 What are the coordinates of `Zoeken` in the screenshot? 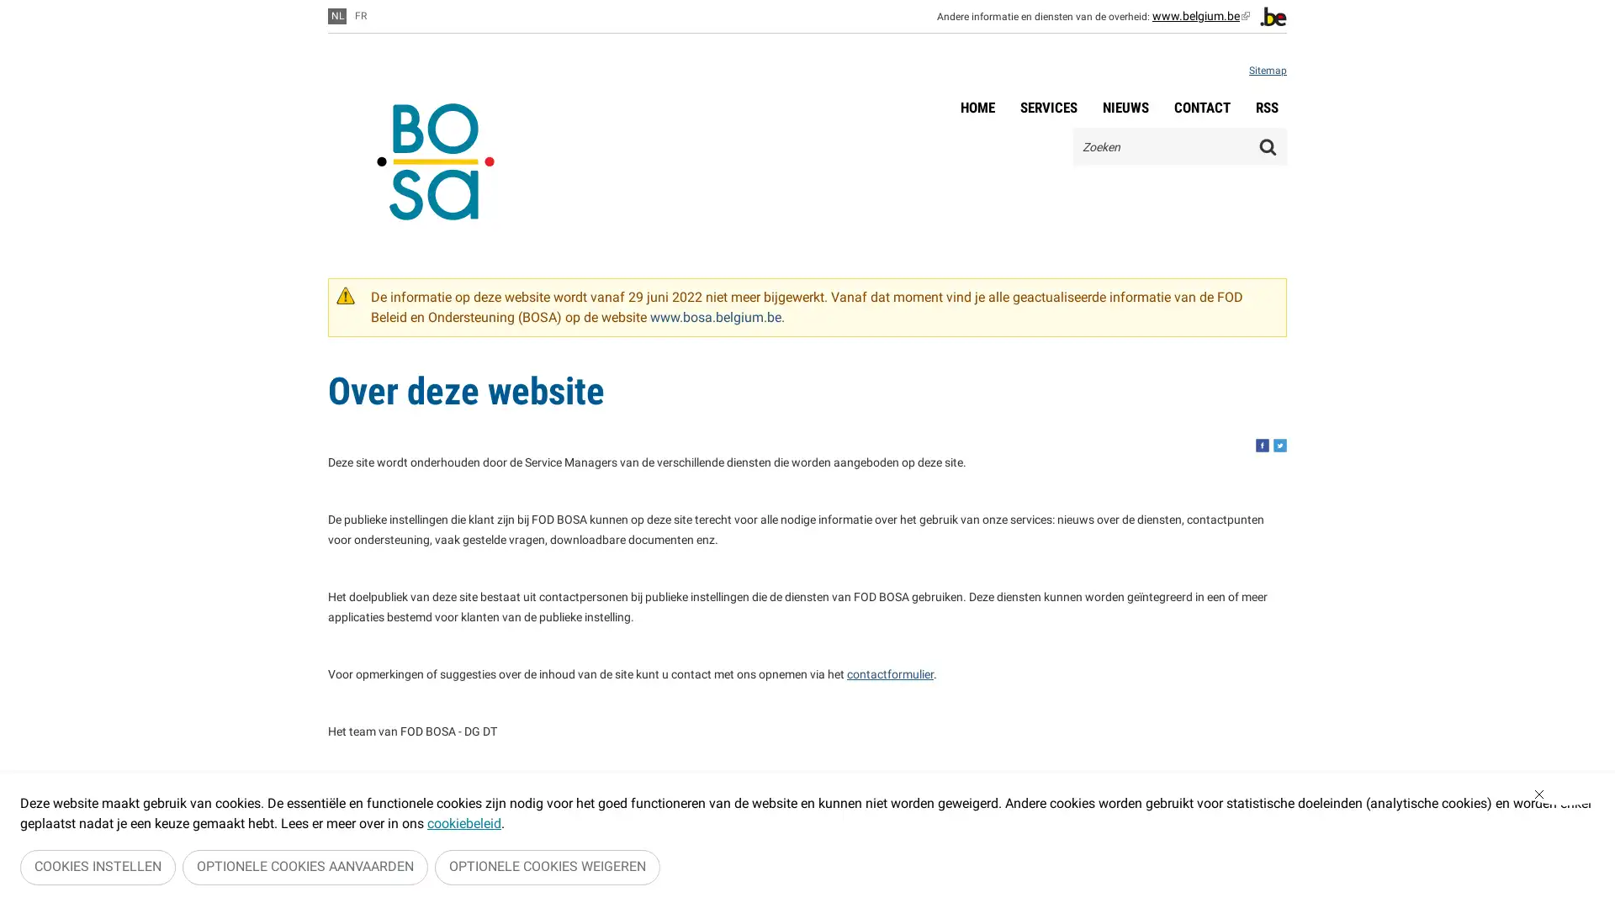 It's located at (1268, 145).